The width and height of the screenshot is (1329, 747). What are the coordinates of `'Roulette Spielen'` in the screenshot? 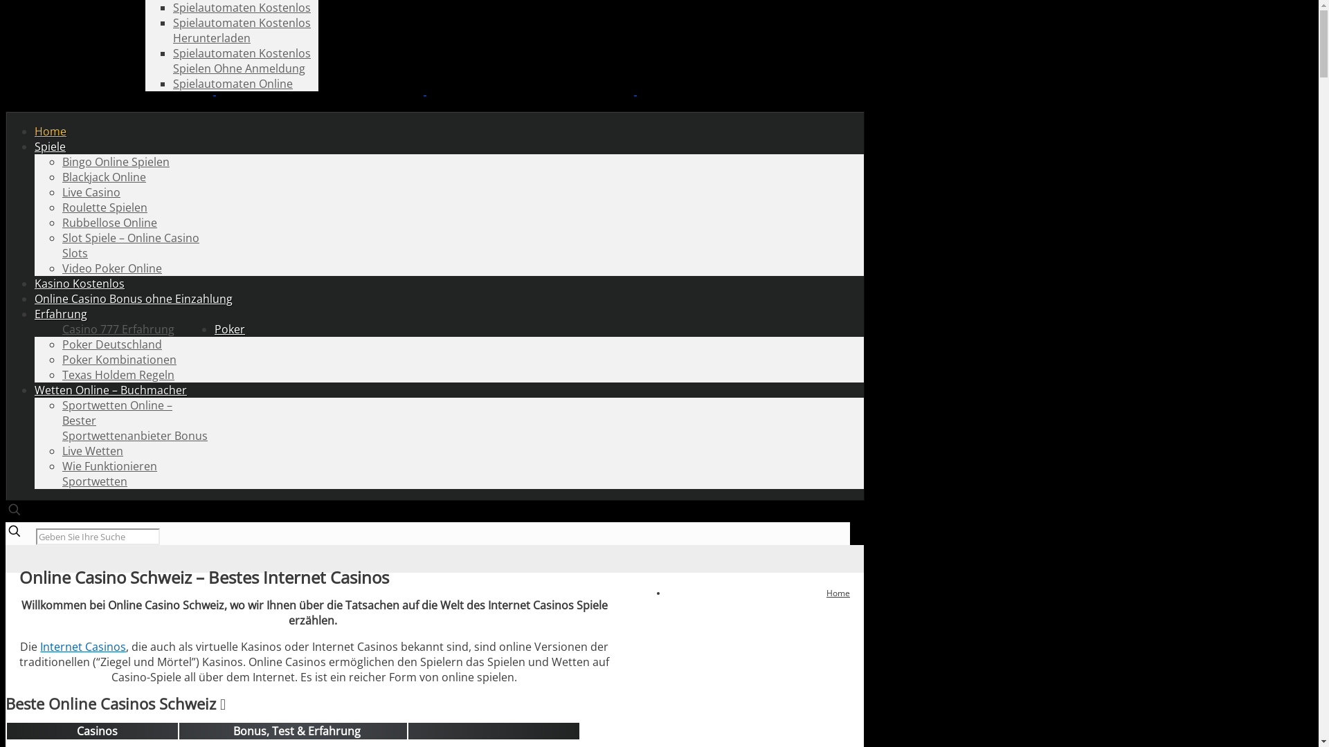 It's located at (104, 207).